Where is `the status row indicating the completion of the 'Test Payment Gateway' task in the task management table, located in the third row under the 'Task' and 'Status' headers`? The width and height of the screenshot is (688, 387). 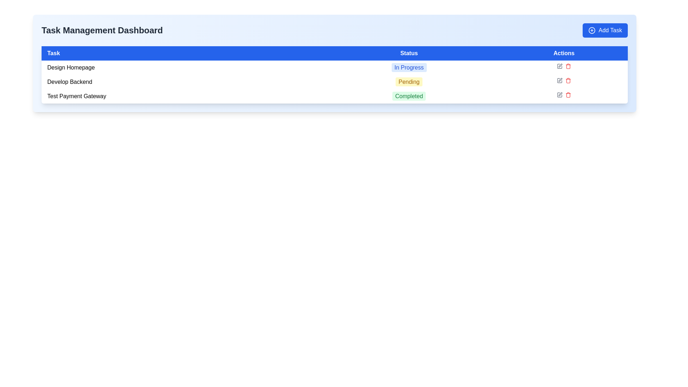
the status row indicating the completion of the 'Test Payment Gateway' task in the task management table, located in the third row under the 'Task' and 'Status' headers is located at coordinates (334, 96).